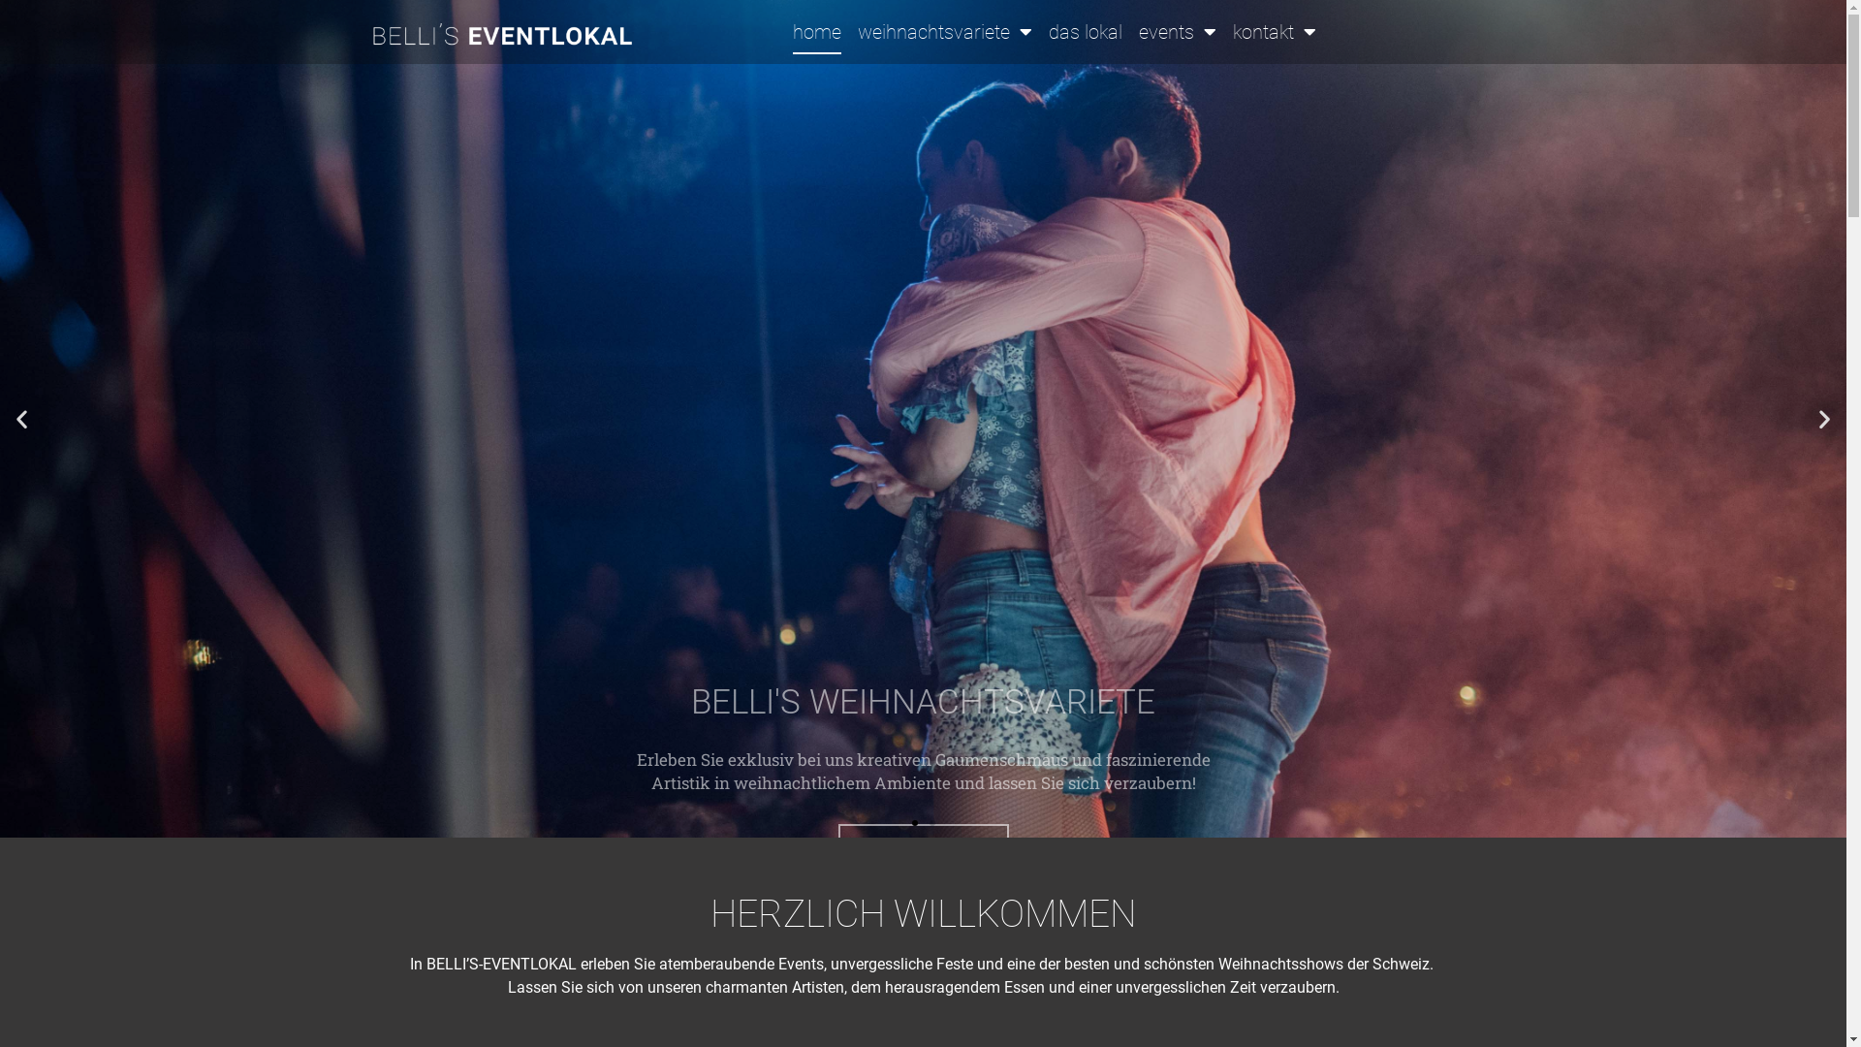 The image size is (1861, 1047). Describe the element at coordinates (1084, 32) in the screenshot. I see `'das lokal'` at that location.